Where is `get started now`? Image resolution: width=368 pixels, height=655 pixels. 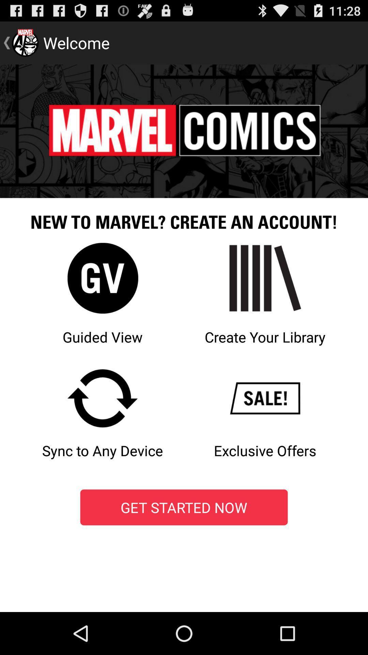 get started now is located at coordinates (184, 507).